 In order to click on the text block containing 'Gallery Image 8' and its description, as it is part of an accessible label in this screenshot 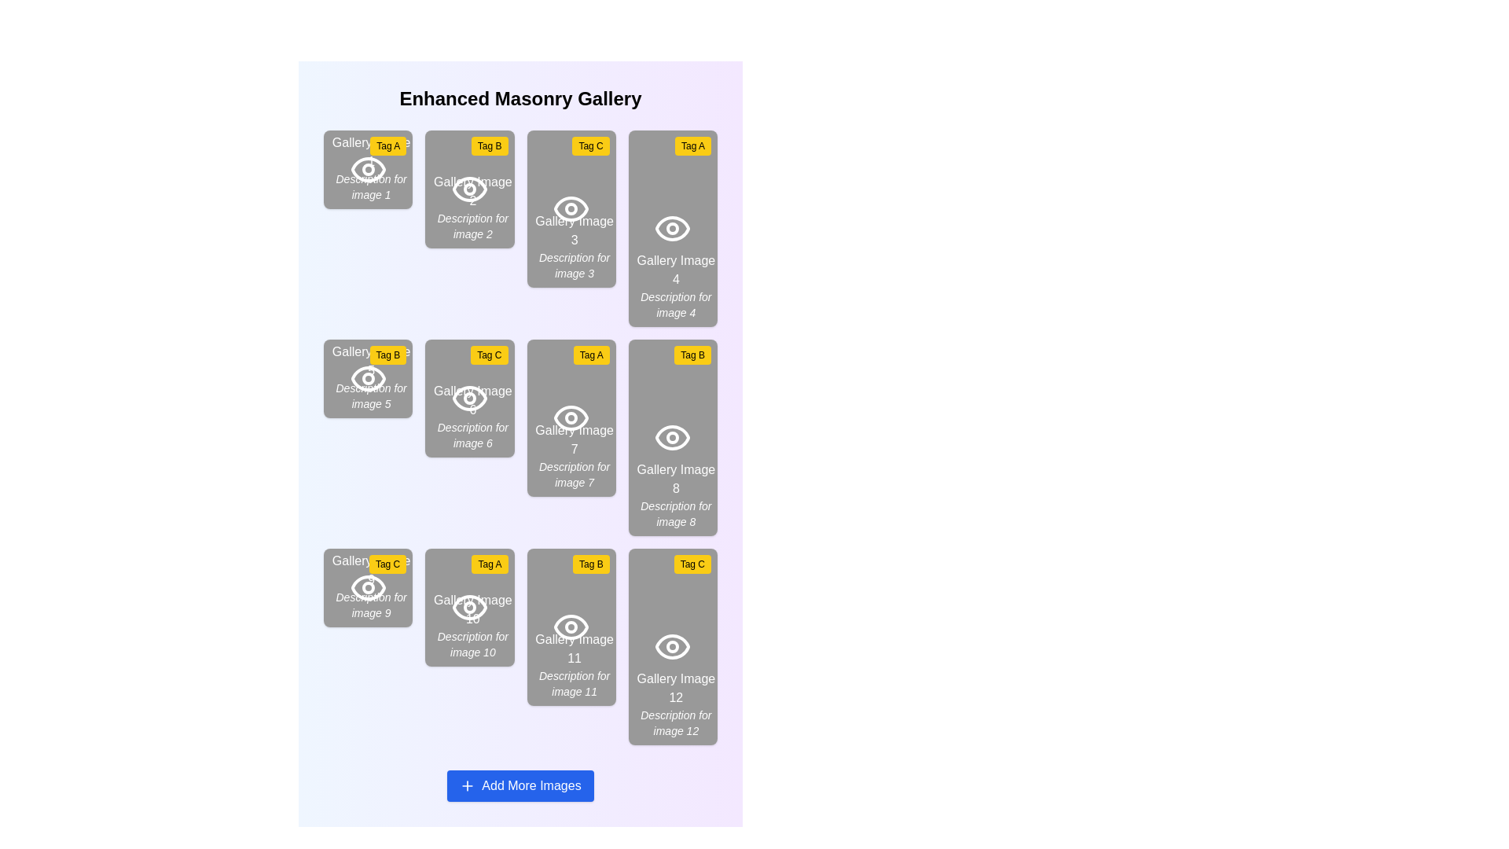, I will do `click(676, 494)`.